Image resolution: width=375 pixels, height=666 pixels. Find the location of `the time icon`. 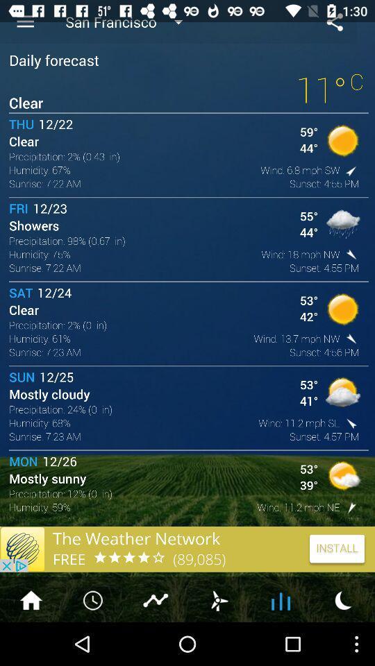

the time icon is located at coordinates (94, 642).